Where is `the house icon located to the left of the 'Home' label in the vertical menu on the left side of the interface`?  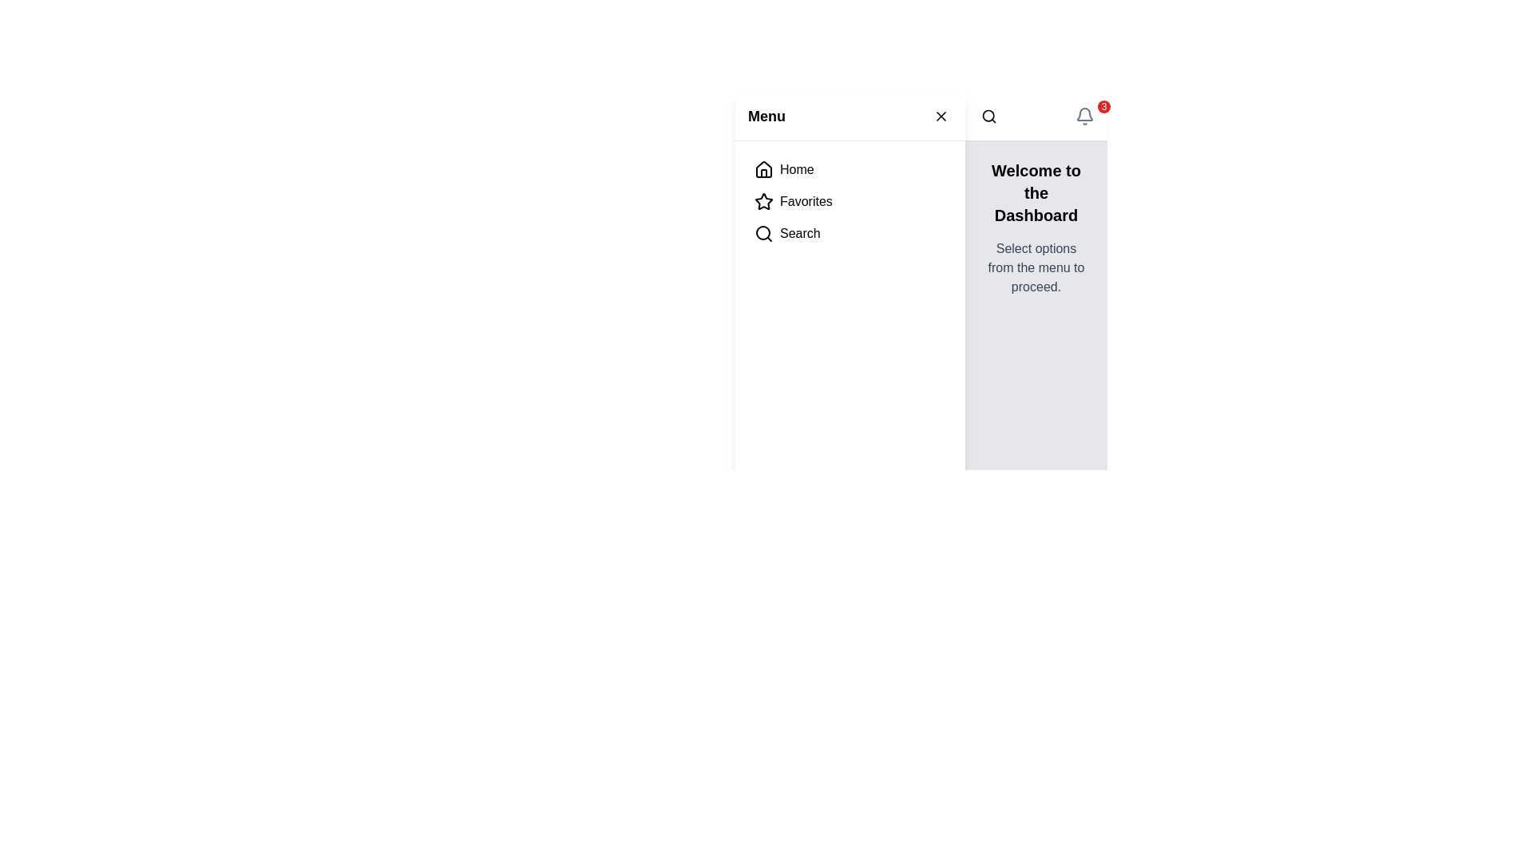
the house icon located to the left of the 'Home' label in the vertical menu on the left side of the interface is located at coordinates (763, 169).